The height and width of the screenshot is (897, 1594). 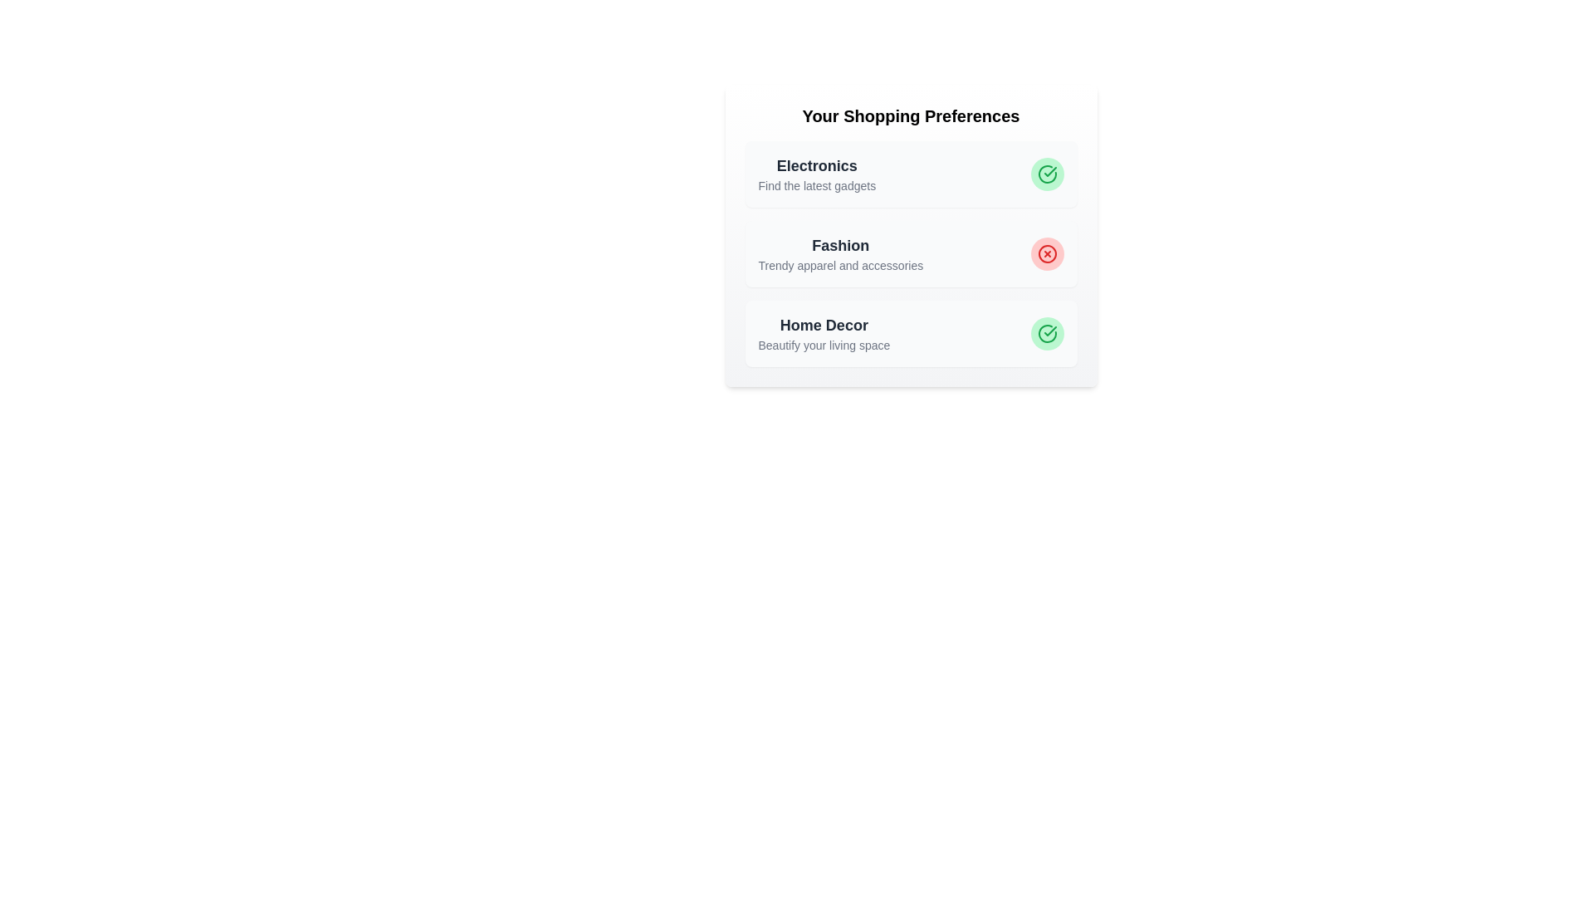 I want to click on the title and description of the preference item Home Decor, so click(x=824, y=326).